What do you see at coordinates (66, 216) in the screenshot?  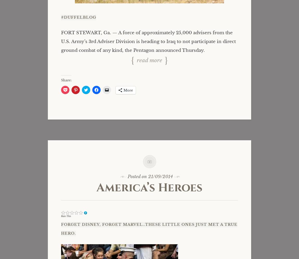 I see `'Rate This'` at bounding box center [66, 216].